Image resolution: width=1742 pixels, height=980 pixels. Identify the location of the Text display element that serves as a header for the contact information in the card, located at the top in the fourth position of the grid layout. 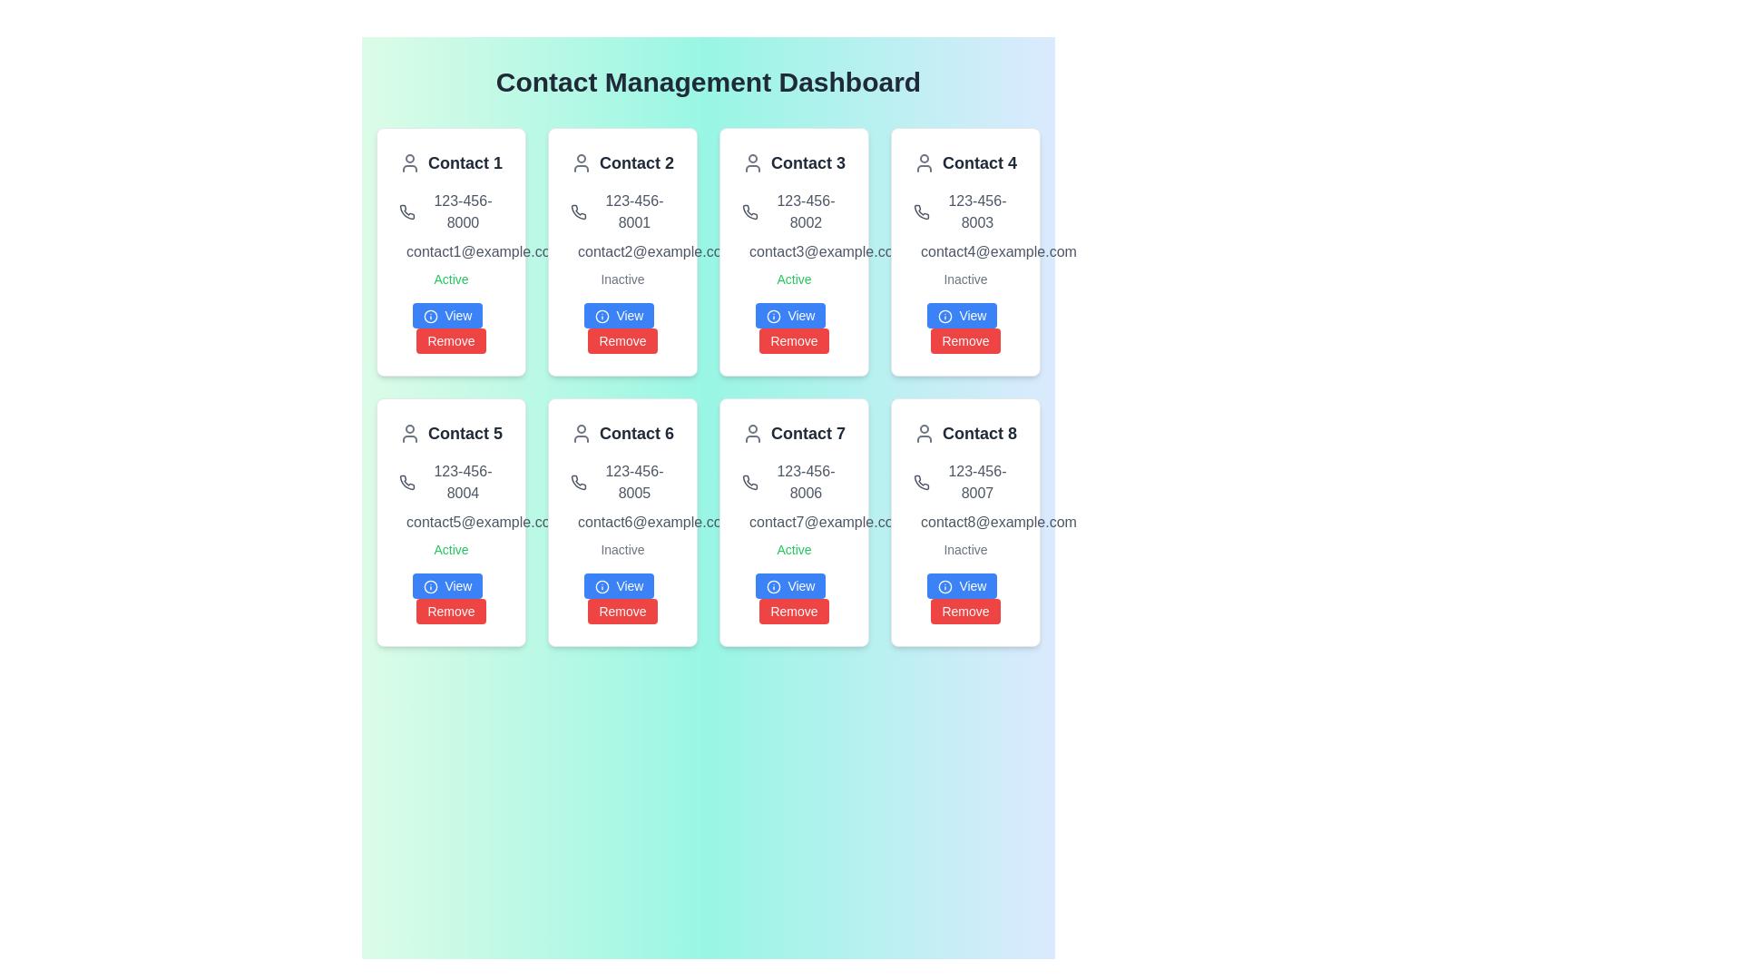
(964, 163).